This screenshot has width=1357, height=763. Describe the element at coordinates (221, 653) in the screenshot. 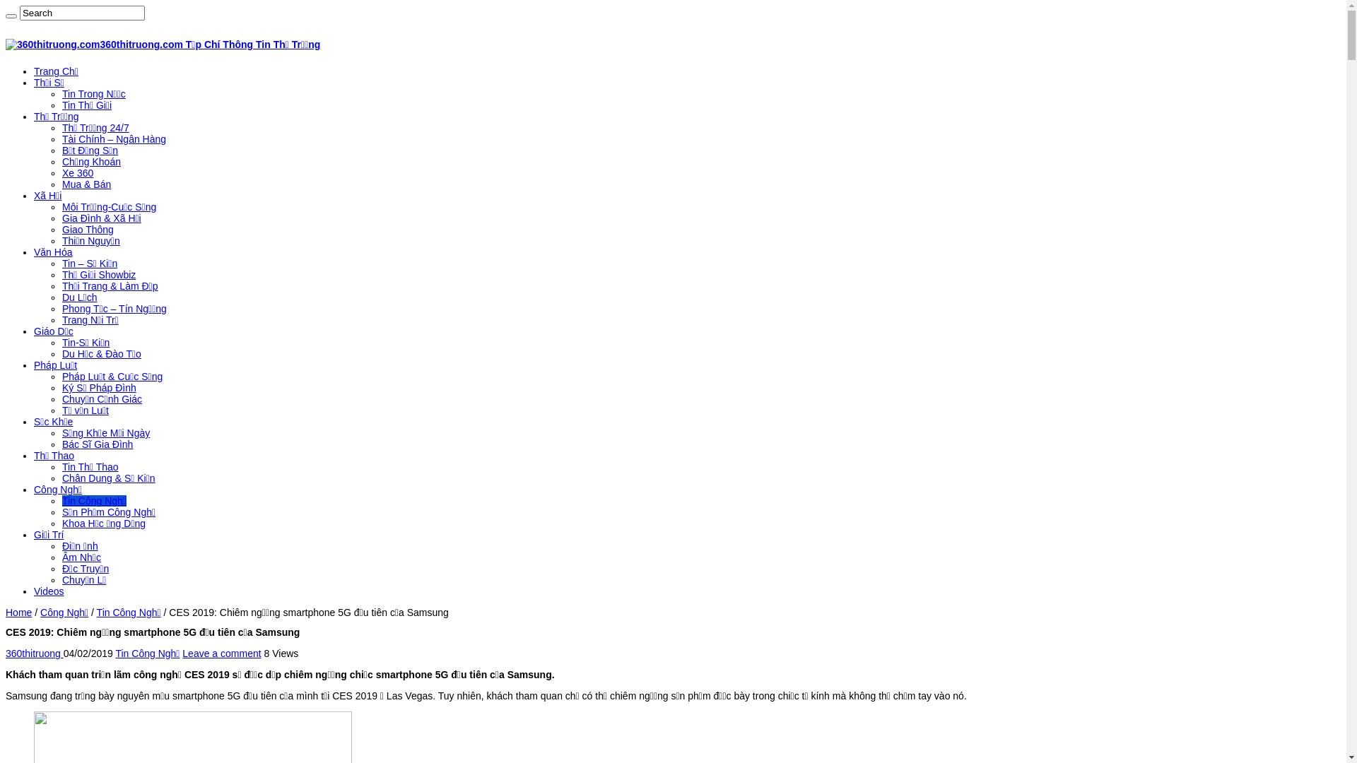

I see `'Leave a comment'` at that location.